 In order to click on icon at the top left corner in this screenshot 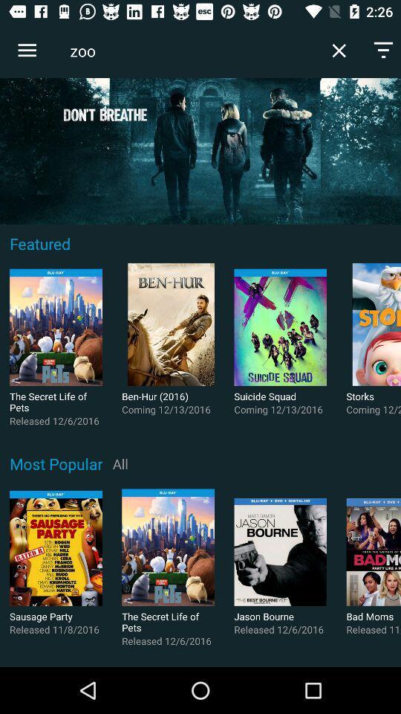, I will do `click(27, 51)`.